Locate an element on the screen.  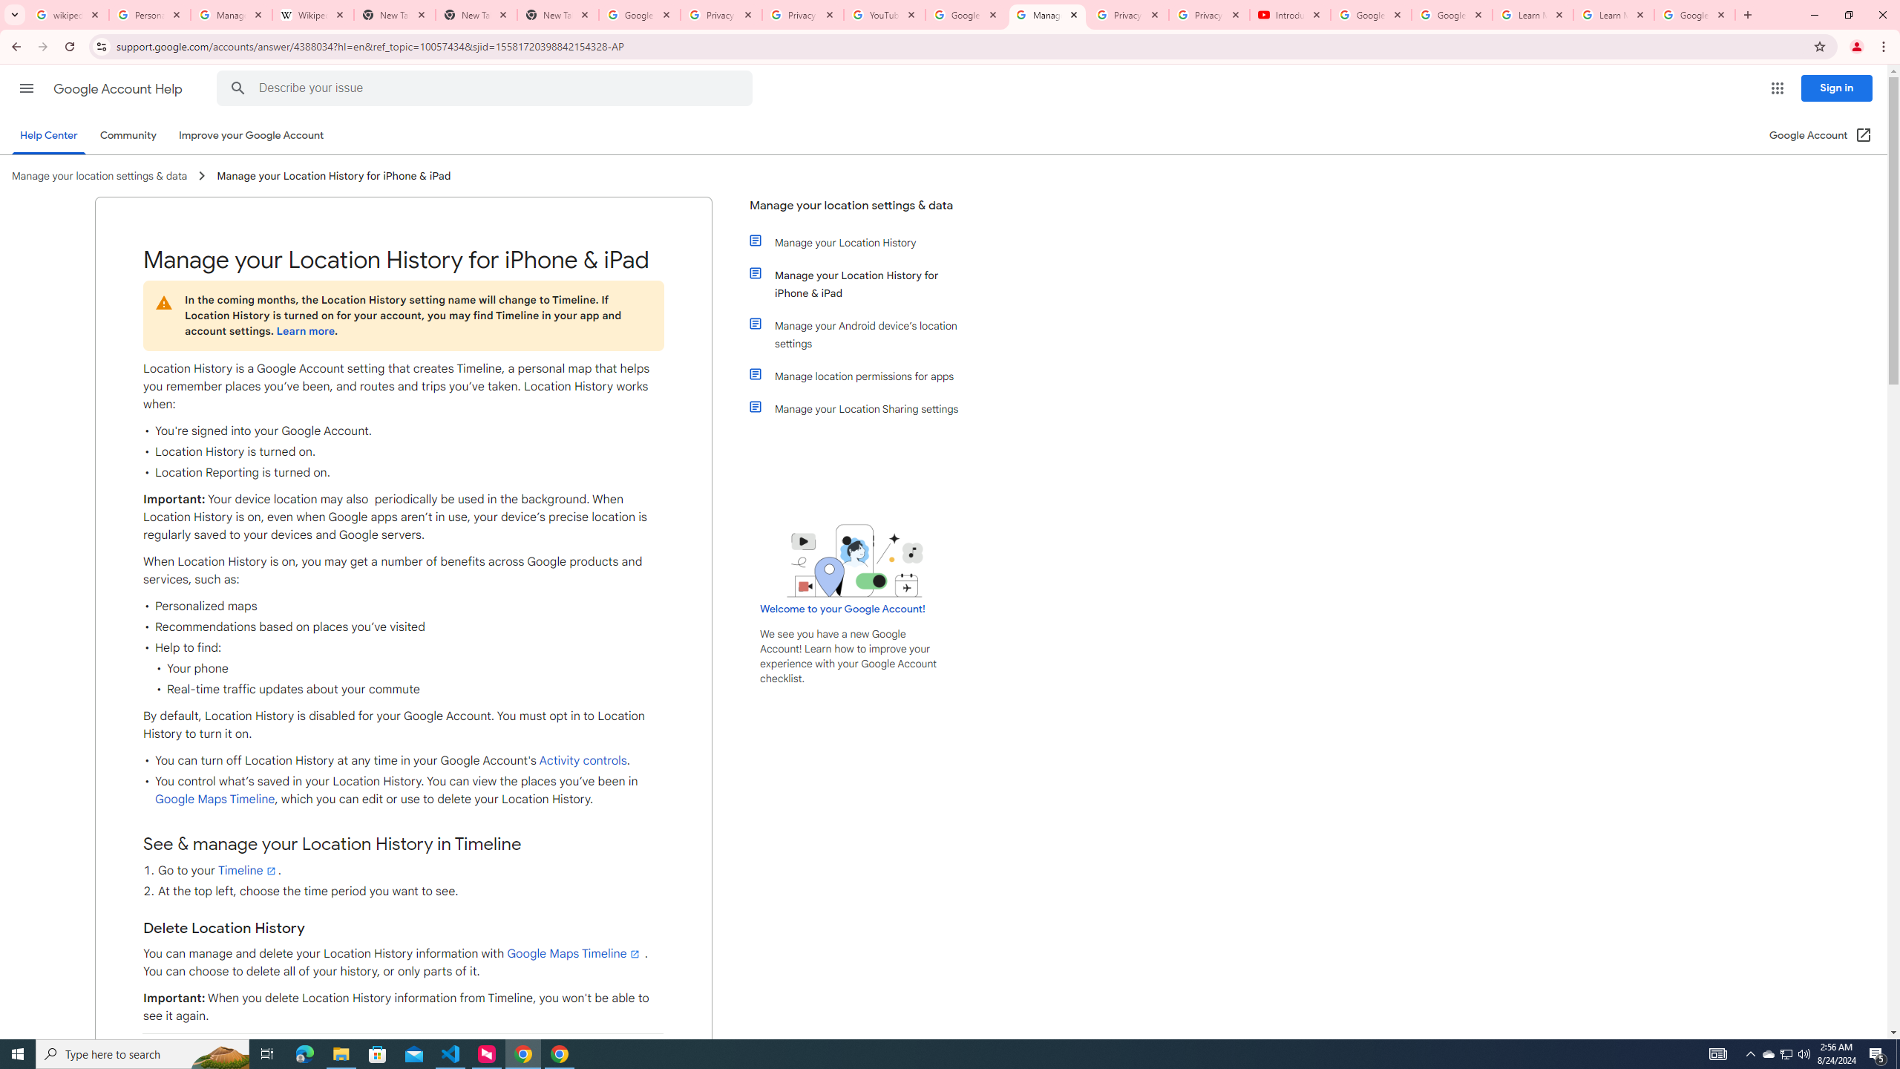
'Google Account Help' is located at coordinates (119, 88).